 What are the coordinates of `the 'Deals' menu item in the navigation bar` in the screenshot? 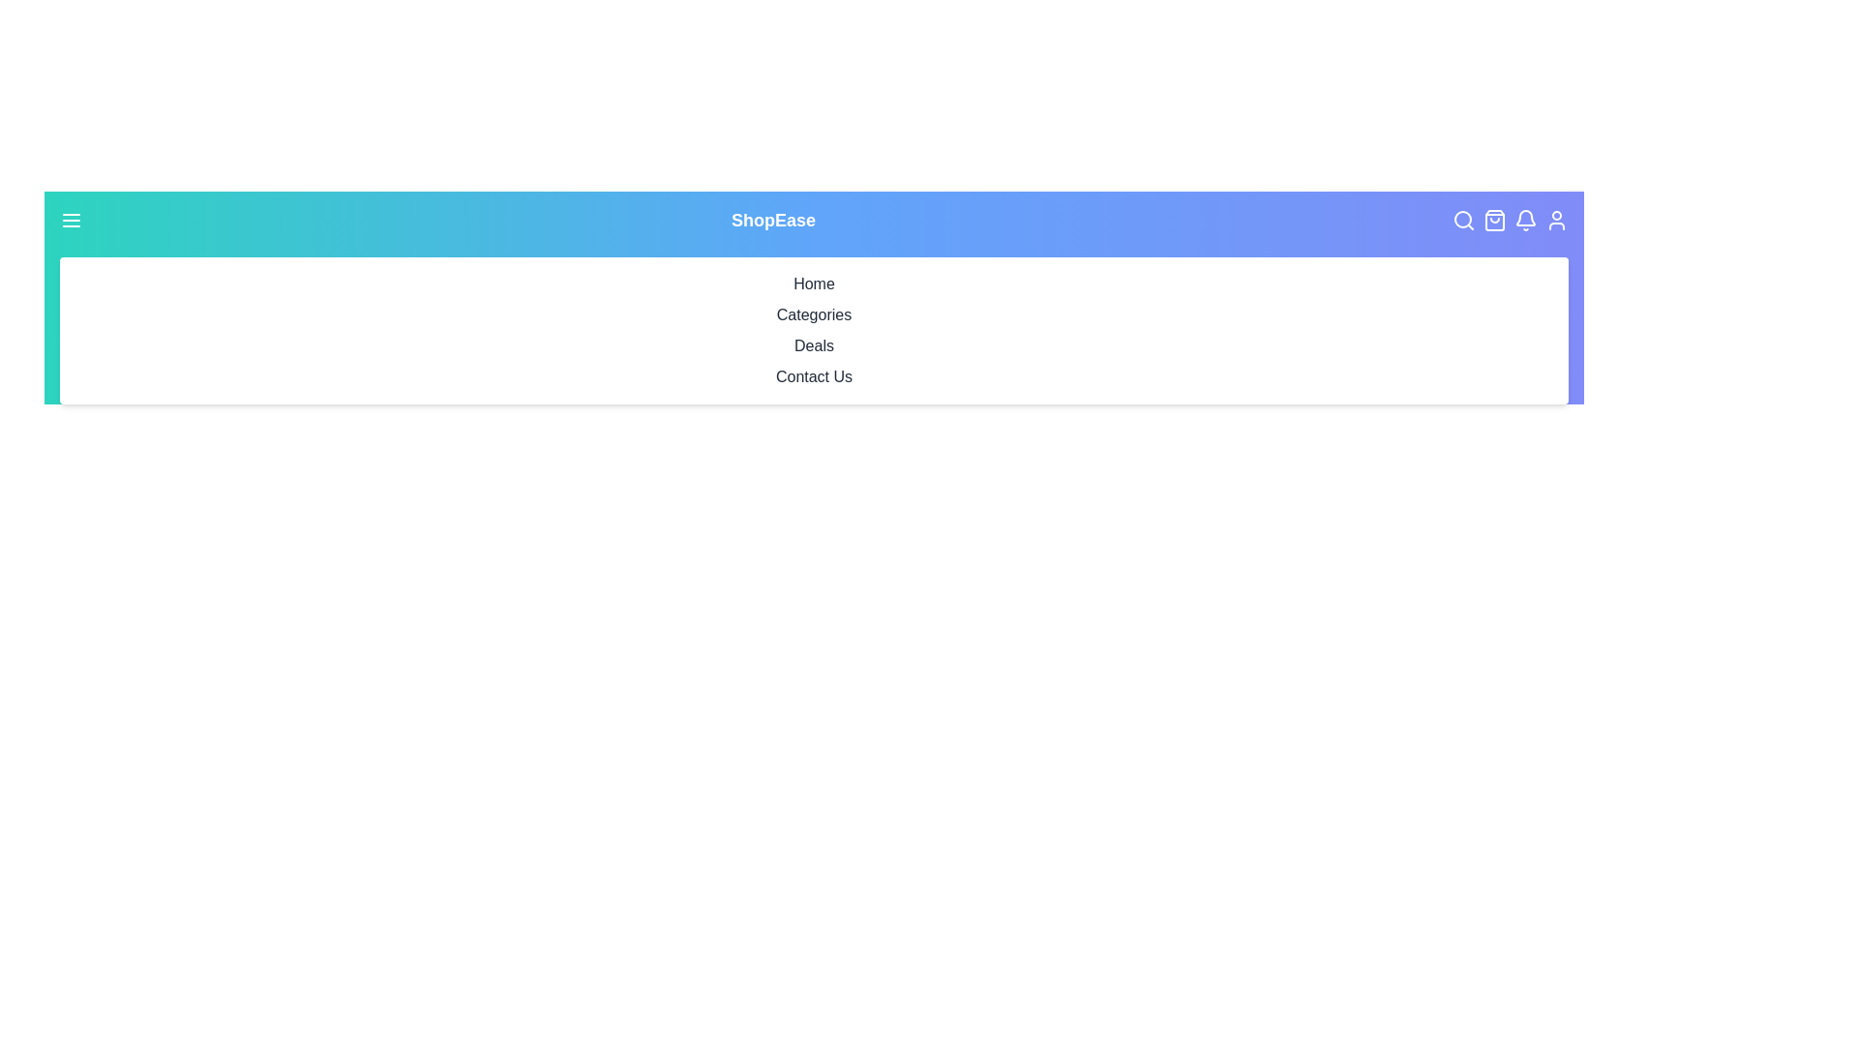 It's located at (814, 345).